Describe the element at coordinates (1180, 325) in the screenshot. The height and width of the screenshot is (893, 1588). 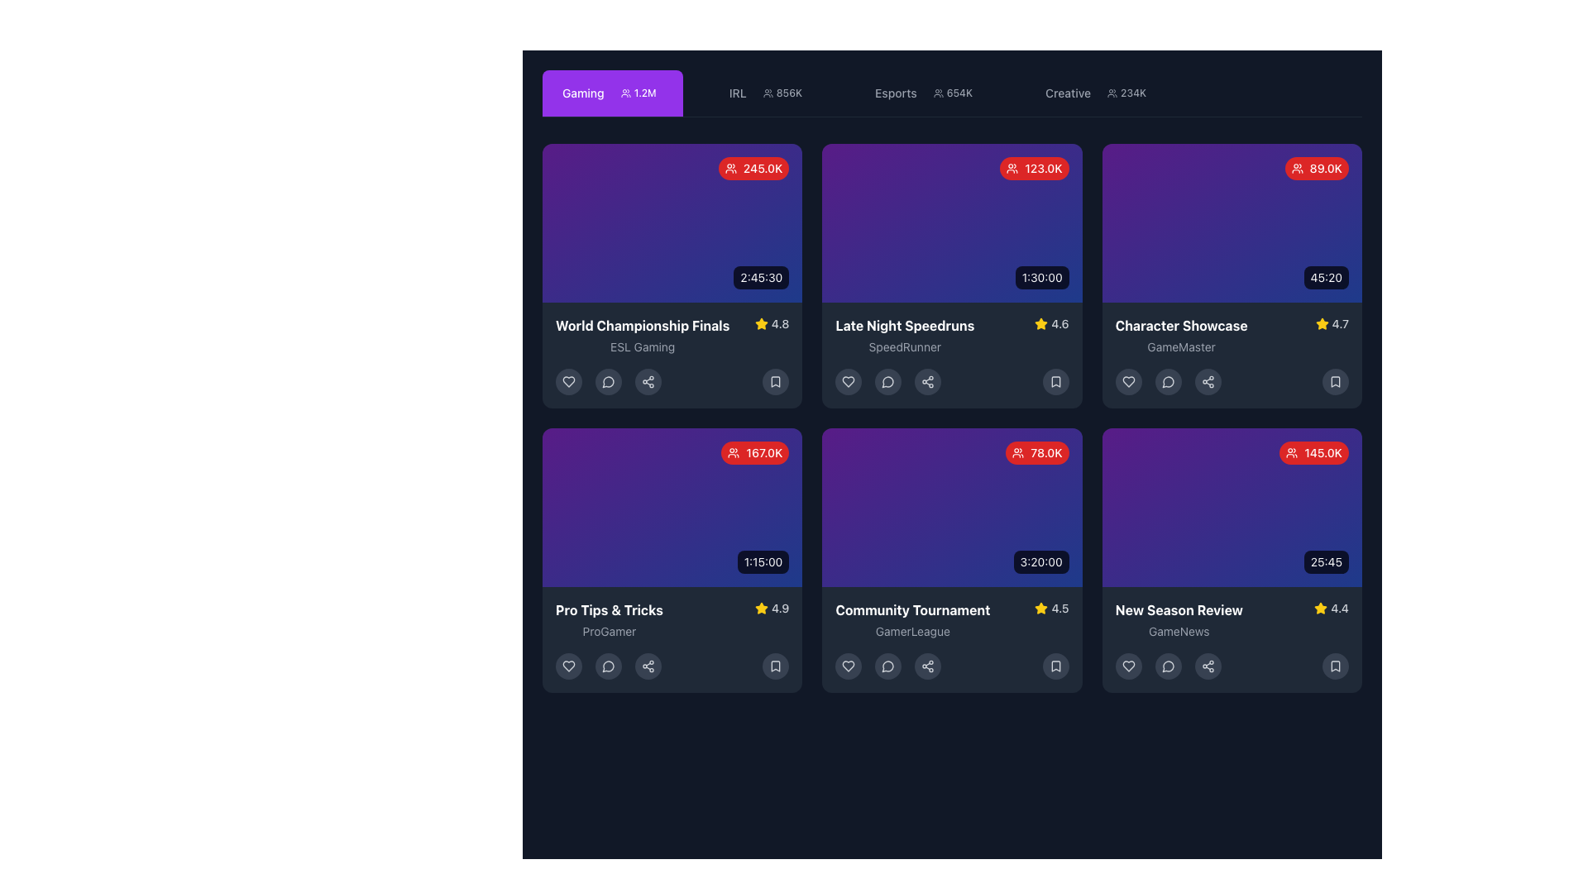
I see `the static text label that represents the title of the streaming event, located in the third item of a 3x2 grid, positioned above the subtitle 'GameMaster'` at that location.